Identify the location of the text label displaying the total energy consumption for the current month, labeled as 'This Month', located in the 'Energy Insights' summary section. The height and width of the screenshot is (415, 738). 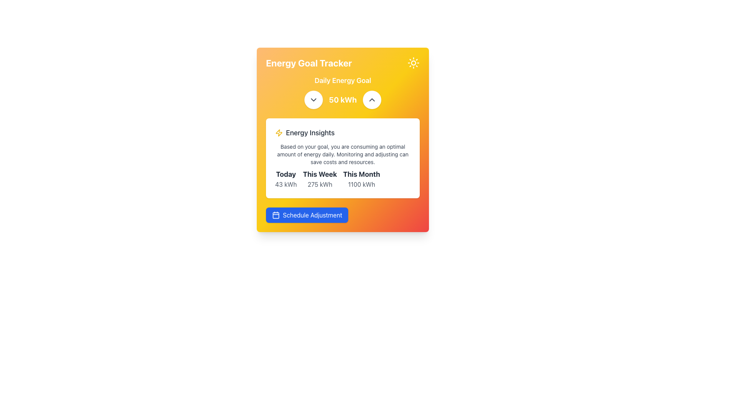
(361, 184).